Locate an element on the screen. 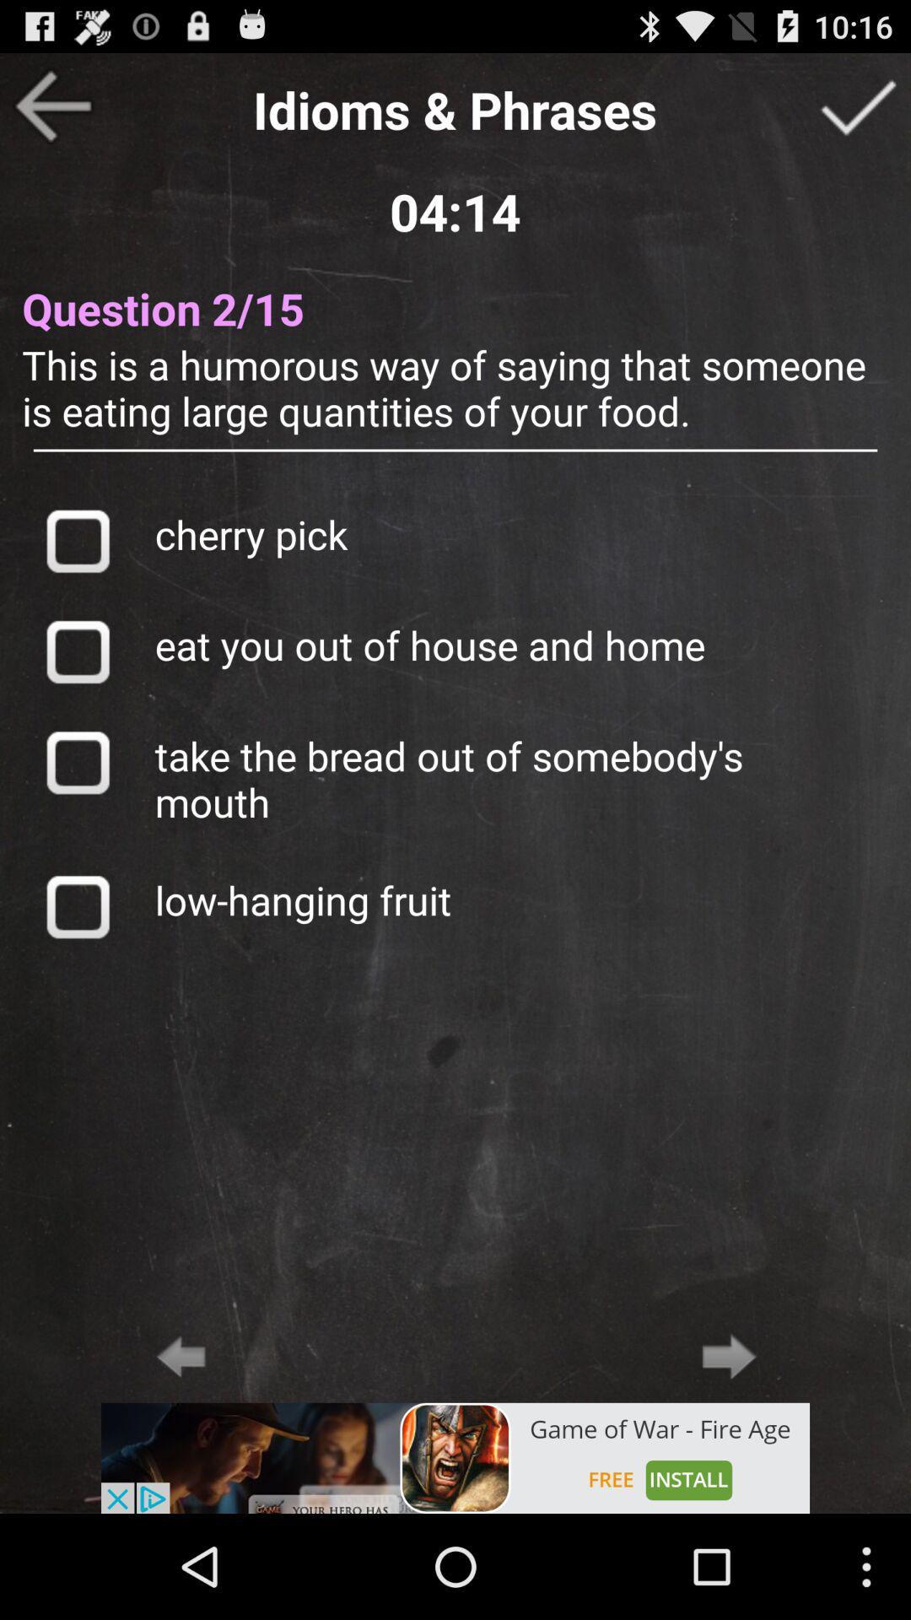 The height and width of the screenshot is (1620, 911). go next is located at coordinates (858, 105).